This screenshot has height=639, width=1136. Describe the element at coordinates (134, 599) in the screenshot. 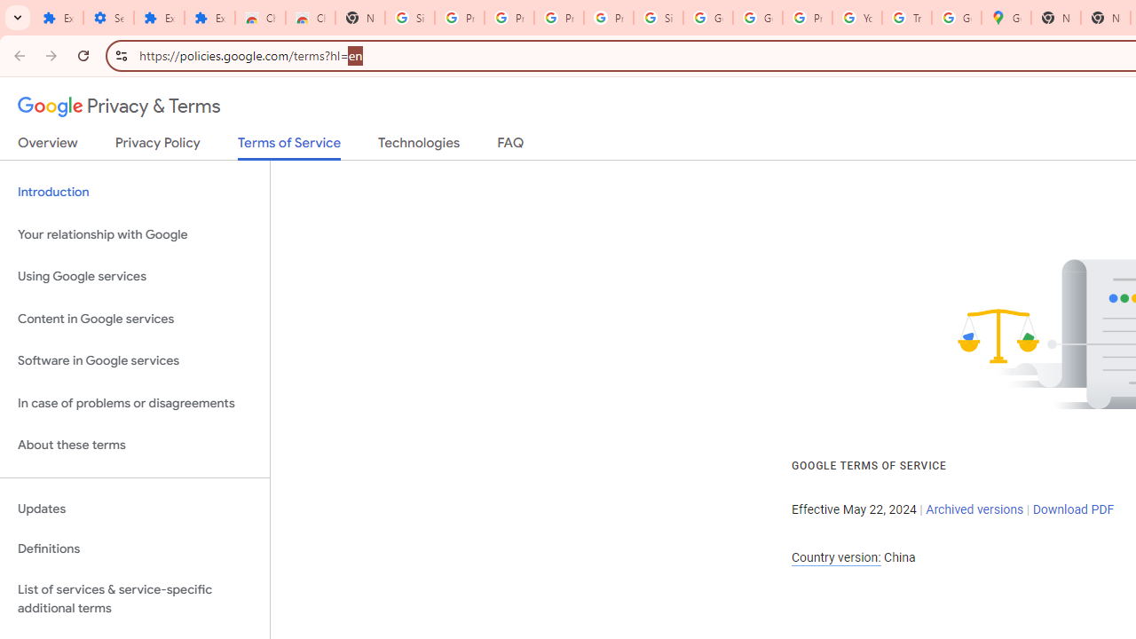

I see `'List of services & service-specific additional terms'` at that location.